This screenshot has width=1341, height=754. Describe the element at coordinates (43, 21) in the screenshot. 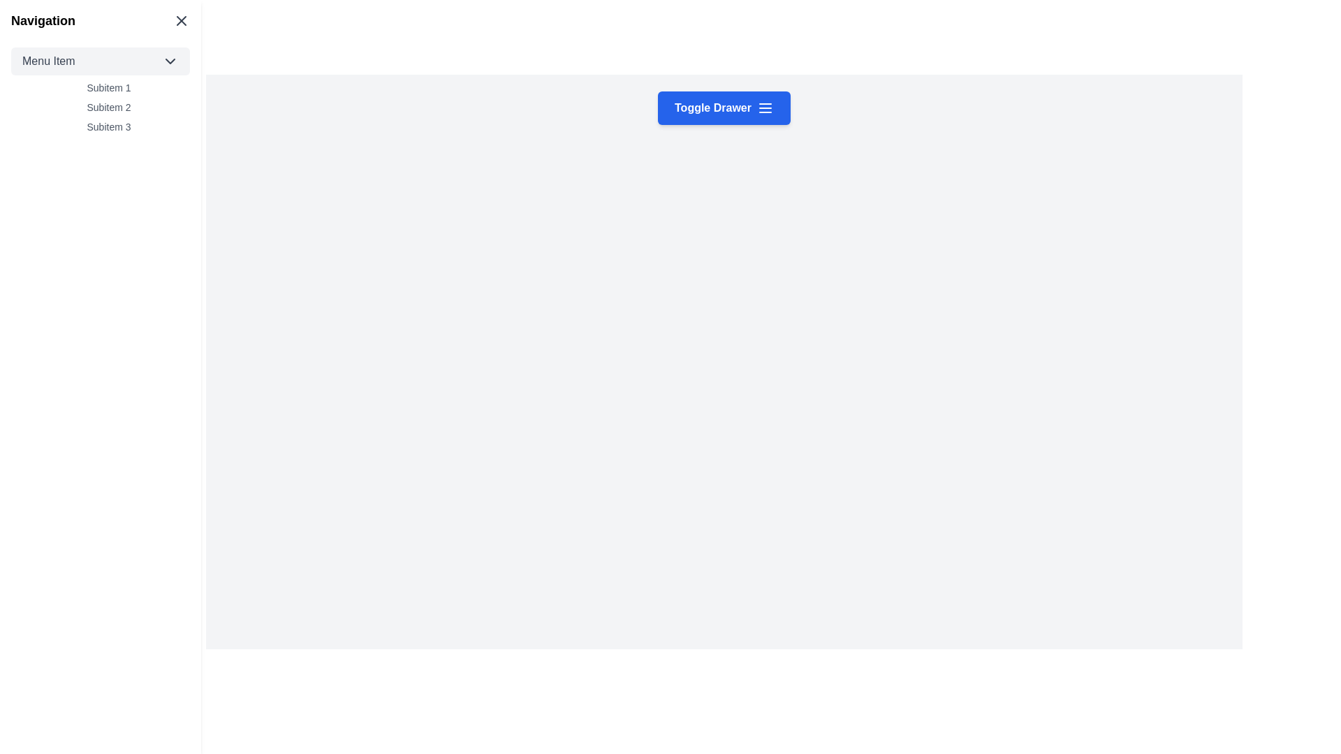

I see `the text label that reads 'Navigation', which is prominently styled in bold and located at the top-left corner of the interface` at that location.